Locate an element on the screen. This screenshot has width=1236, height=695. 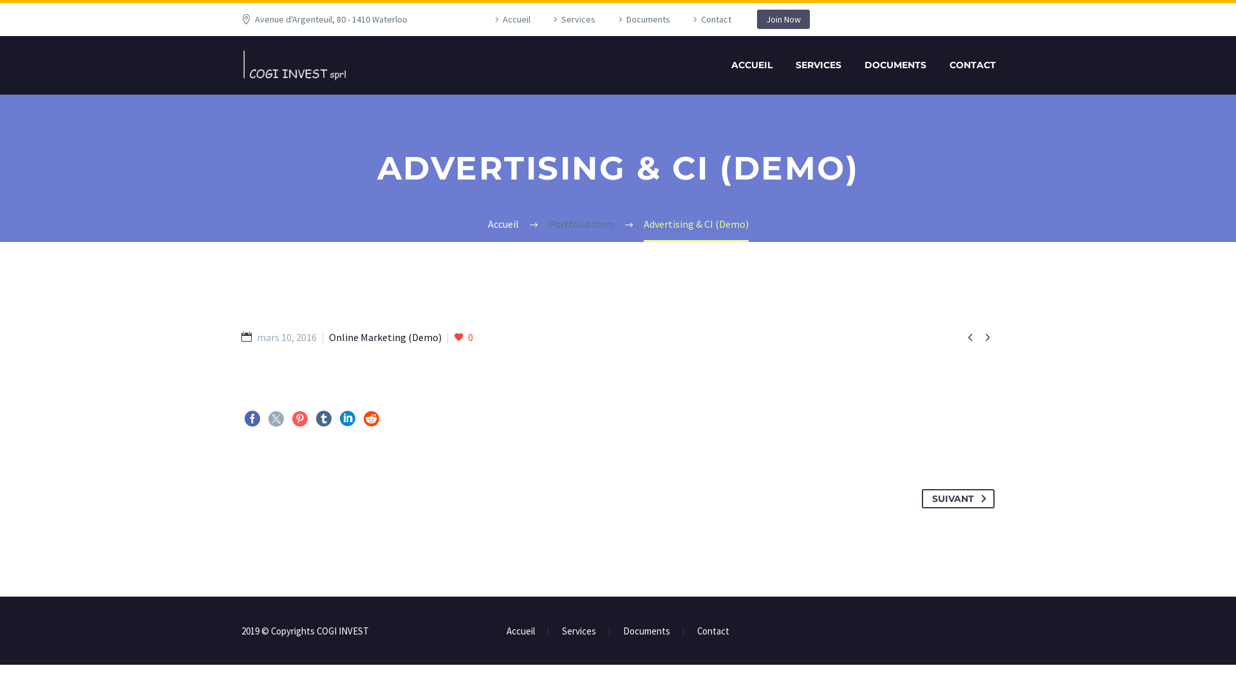
'Twitter' is located at coordinates (275, 419).